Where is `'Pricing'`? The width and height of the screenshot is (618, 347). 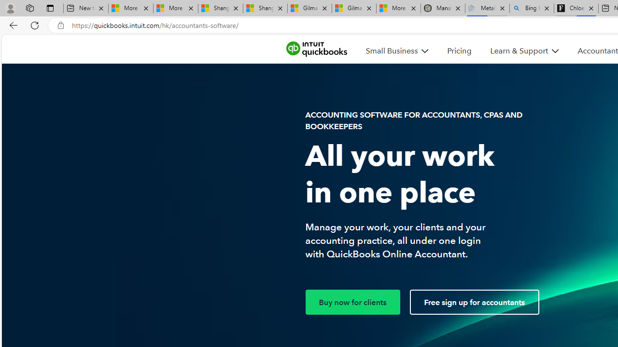
'Pricing' is located at coordinates (459, 51).